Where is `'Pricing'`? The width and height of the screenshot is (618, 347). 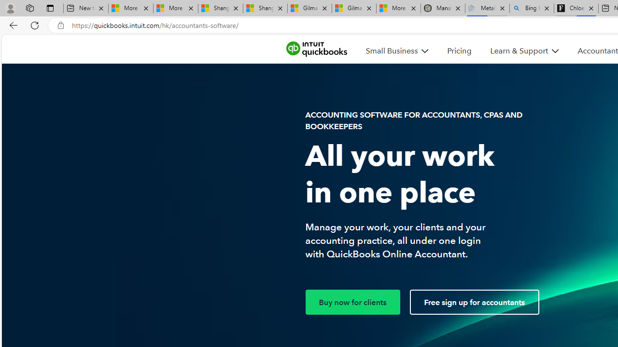
'Pricing' is located at coordinates (459, 51).